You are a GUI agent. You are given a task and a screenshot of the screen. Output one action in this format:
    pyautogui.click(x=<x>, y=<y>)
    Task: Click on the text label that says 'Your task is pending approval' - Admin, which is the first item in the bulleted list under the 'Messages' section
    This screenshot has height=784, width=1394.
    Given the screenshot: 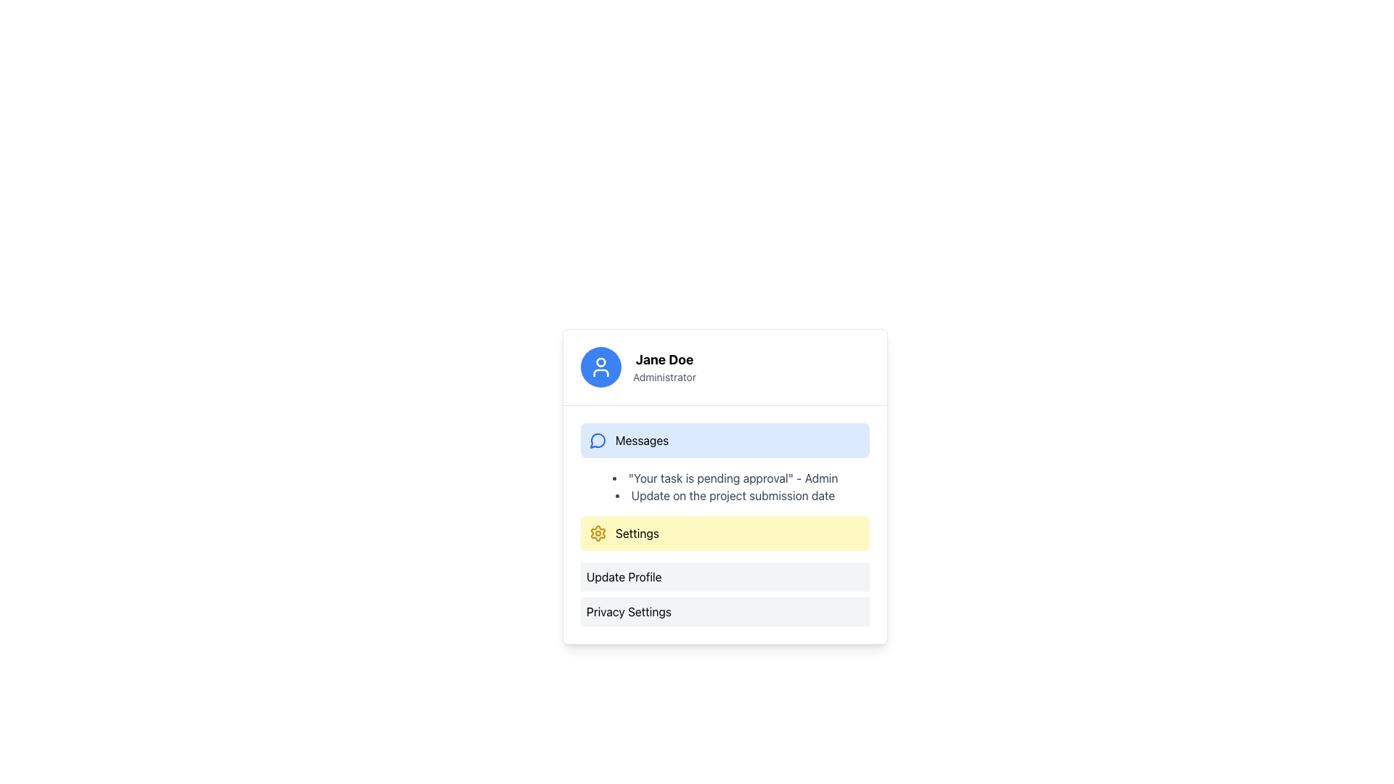 What is the action you would take?
    pyautogui.click(x=725, y=478)
    